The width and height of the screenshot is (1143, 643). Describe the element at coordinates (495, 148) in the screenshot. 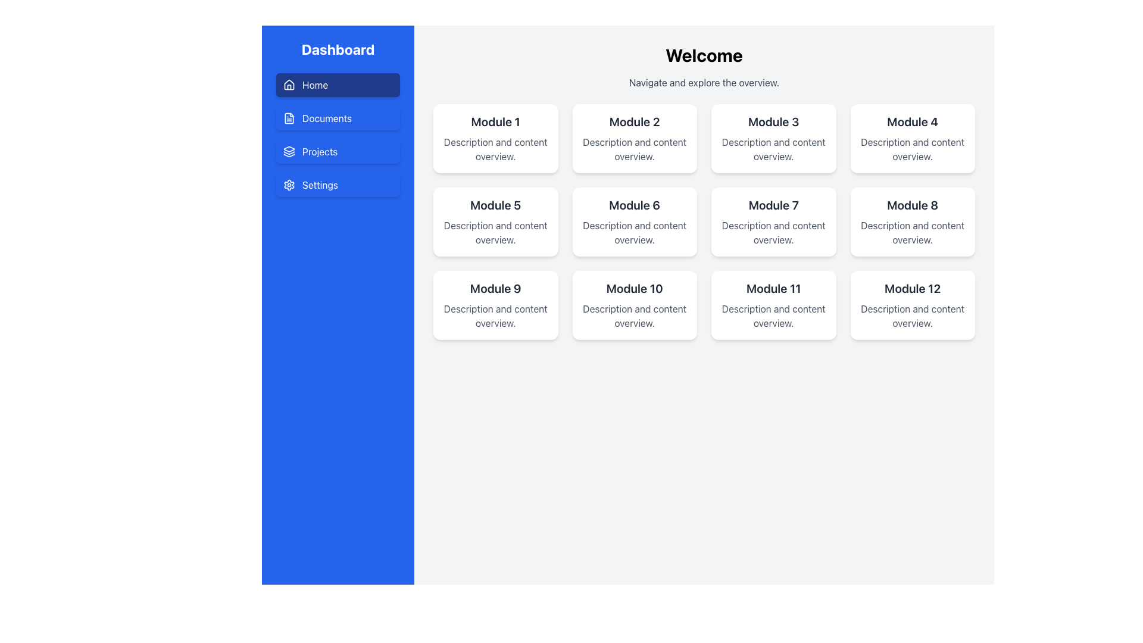

I see `the text content label element that displays 'Description and content overview.' below the title 'Module 1' in a light gray color` at that location.